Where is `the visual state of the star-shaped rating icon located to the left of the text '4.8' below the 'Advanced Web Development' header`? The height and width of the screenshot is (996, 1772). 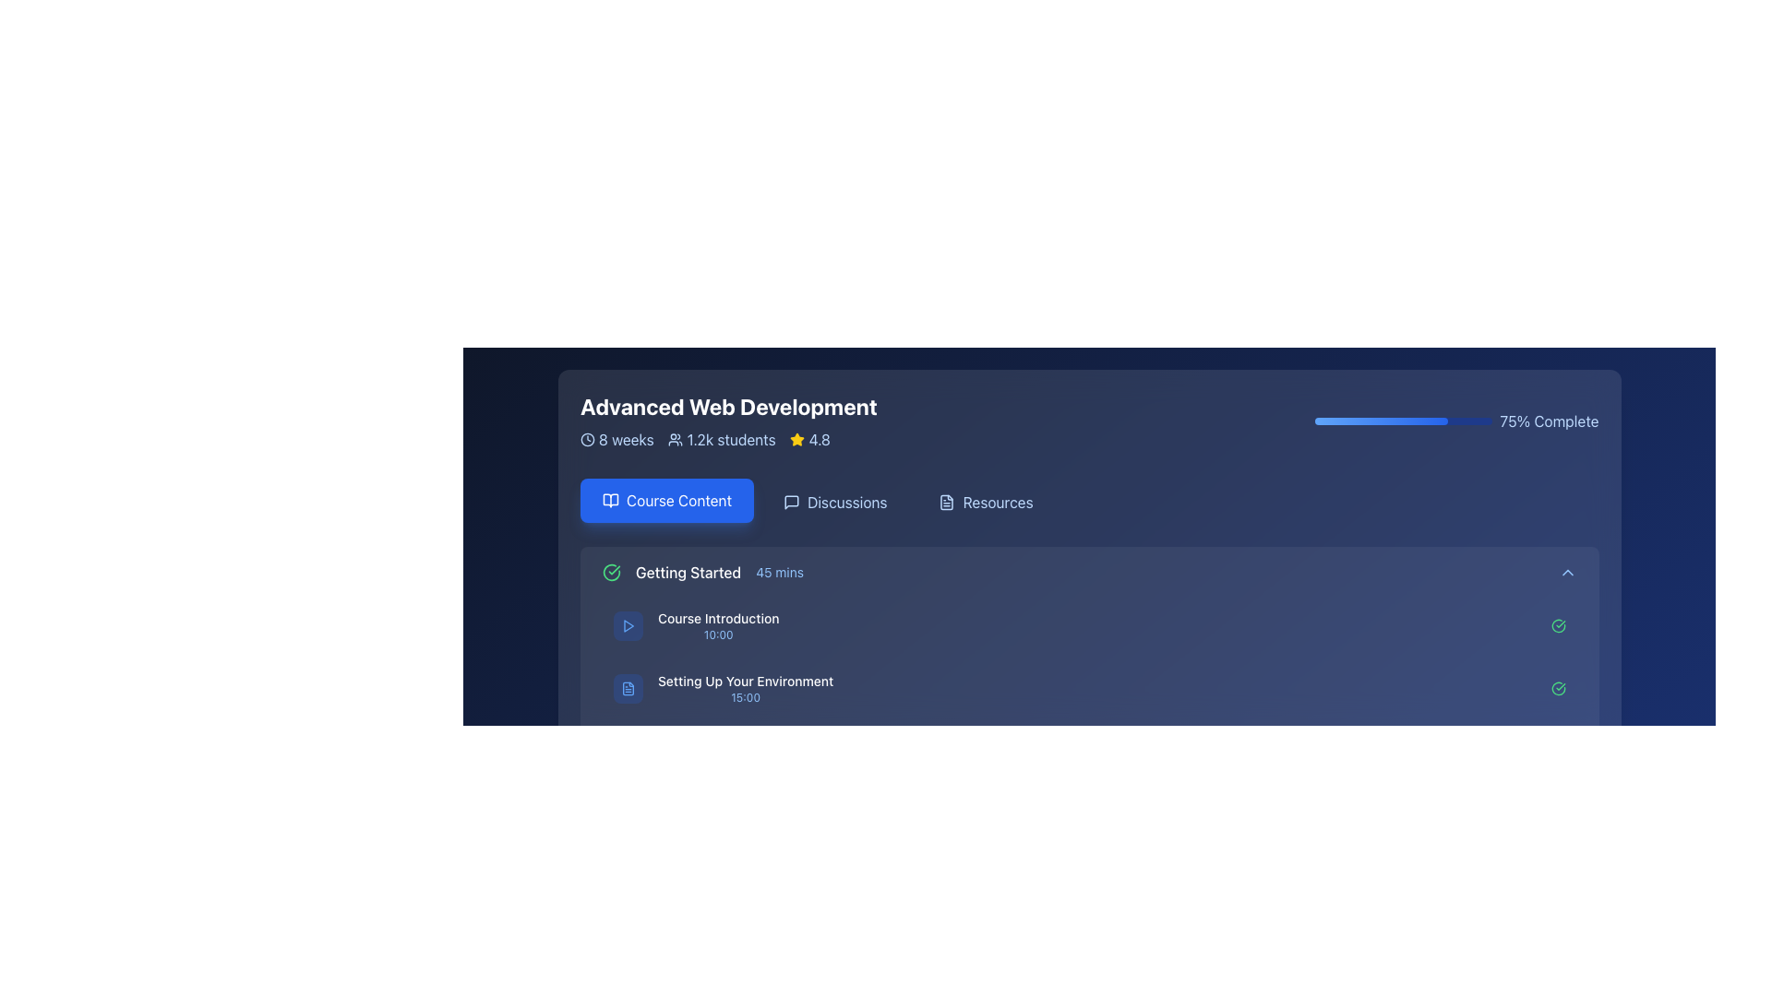 the visual state of the star-shaped rating icon located to the left of the text '4.8' below the 'Advanced Web Development' header is located at coordinates (797, 440).